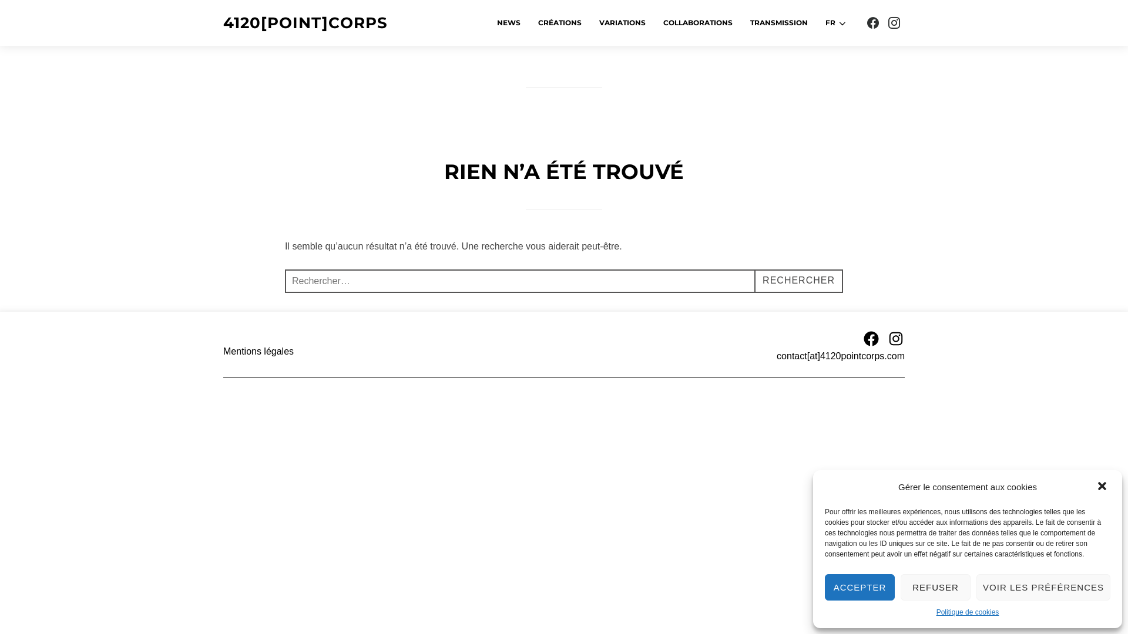 This screenshot has width=1128, height=634. What do you see at coordinates (508, 23) in the screenshot?
I see `'NEWS'` at bounding box center [508, 23].